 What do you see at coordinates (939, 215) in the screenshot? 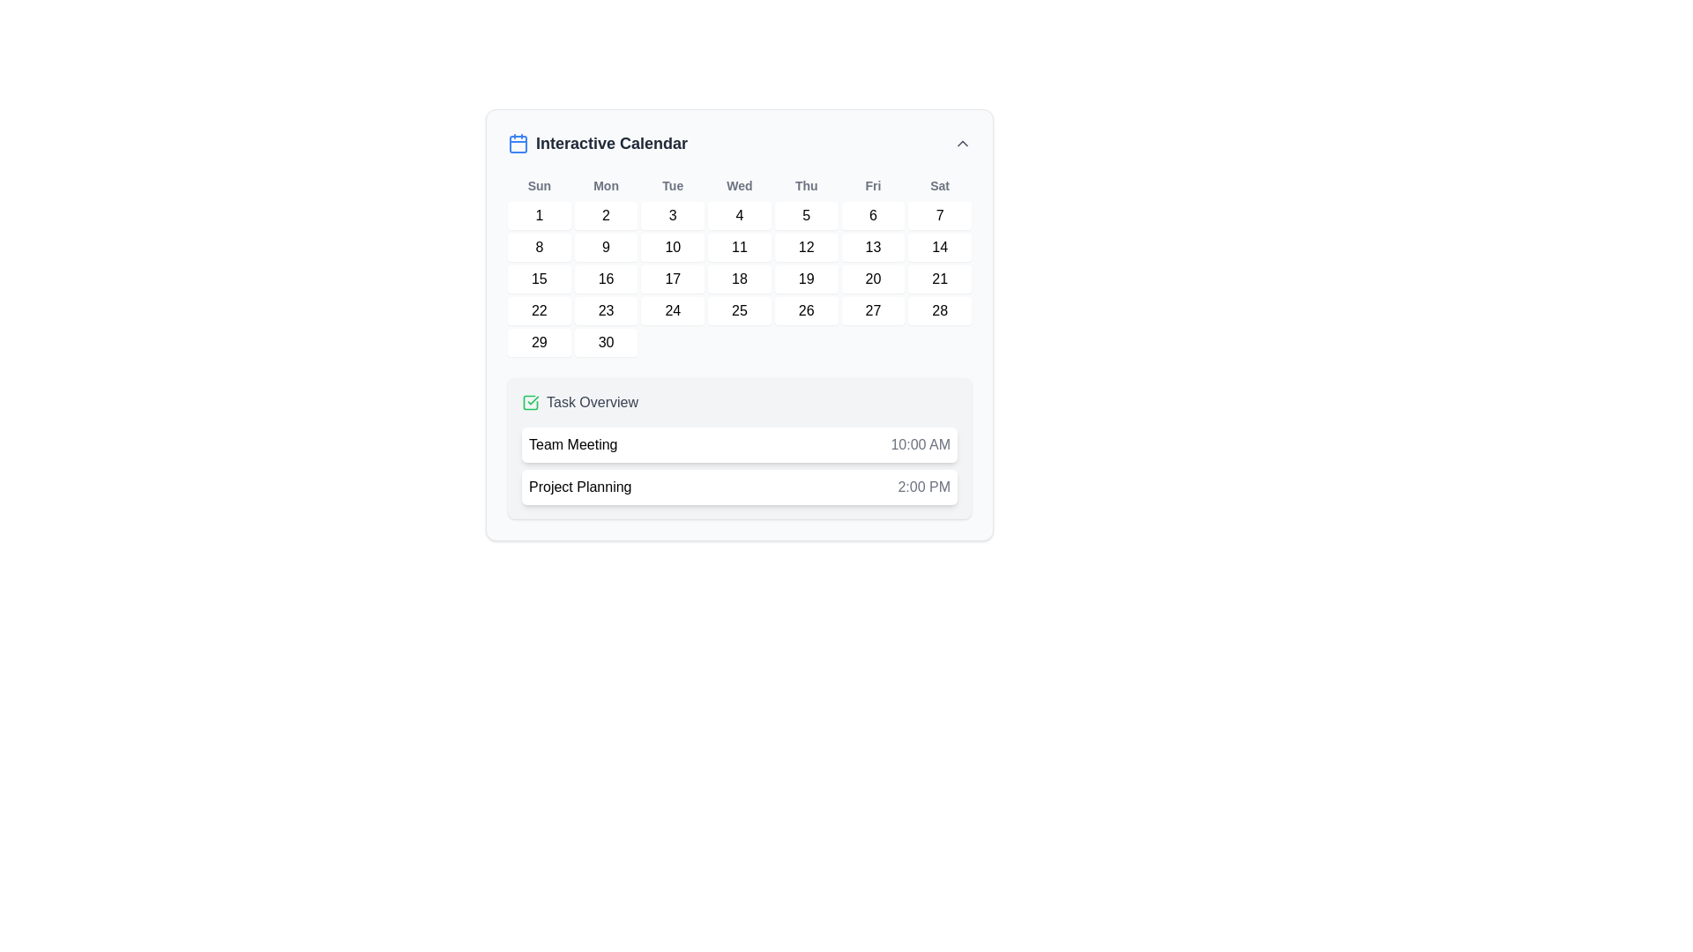
I see `the square-shaped button with a white background and the bold number '7' centered on it` at bounding box center [939, 215].